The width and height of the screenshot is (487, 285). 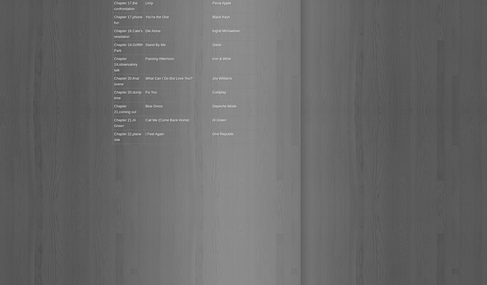 I want to click on 'Chapter 18,Cate’s revelation', so click(x=128, y=34).